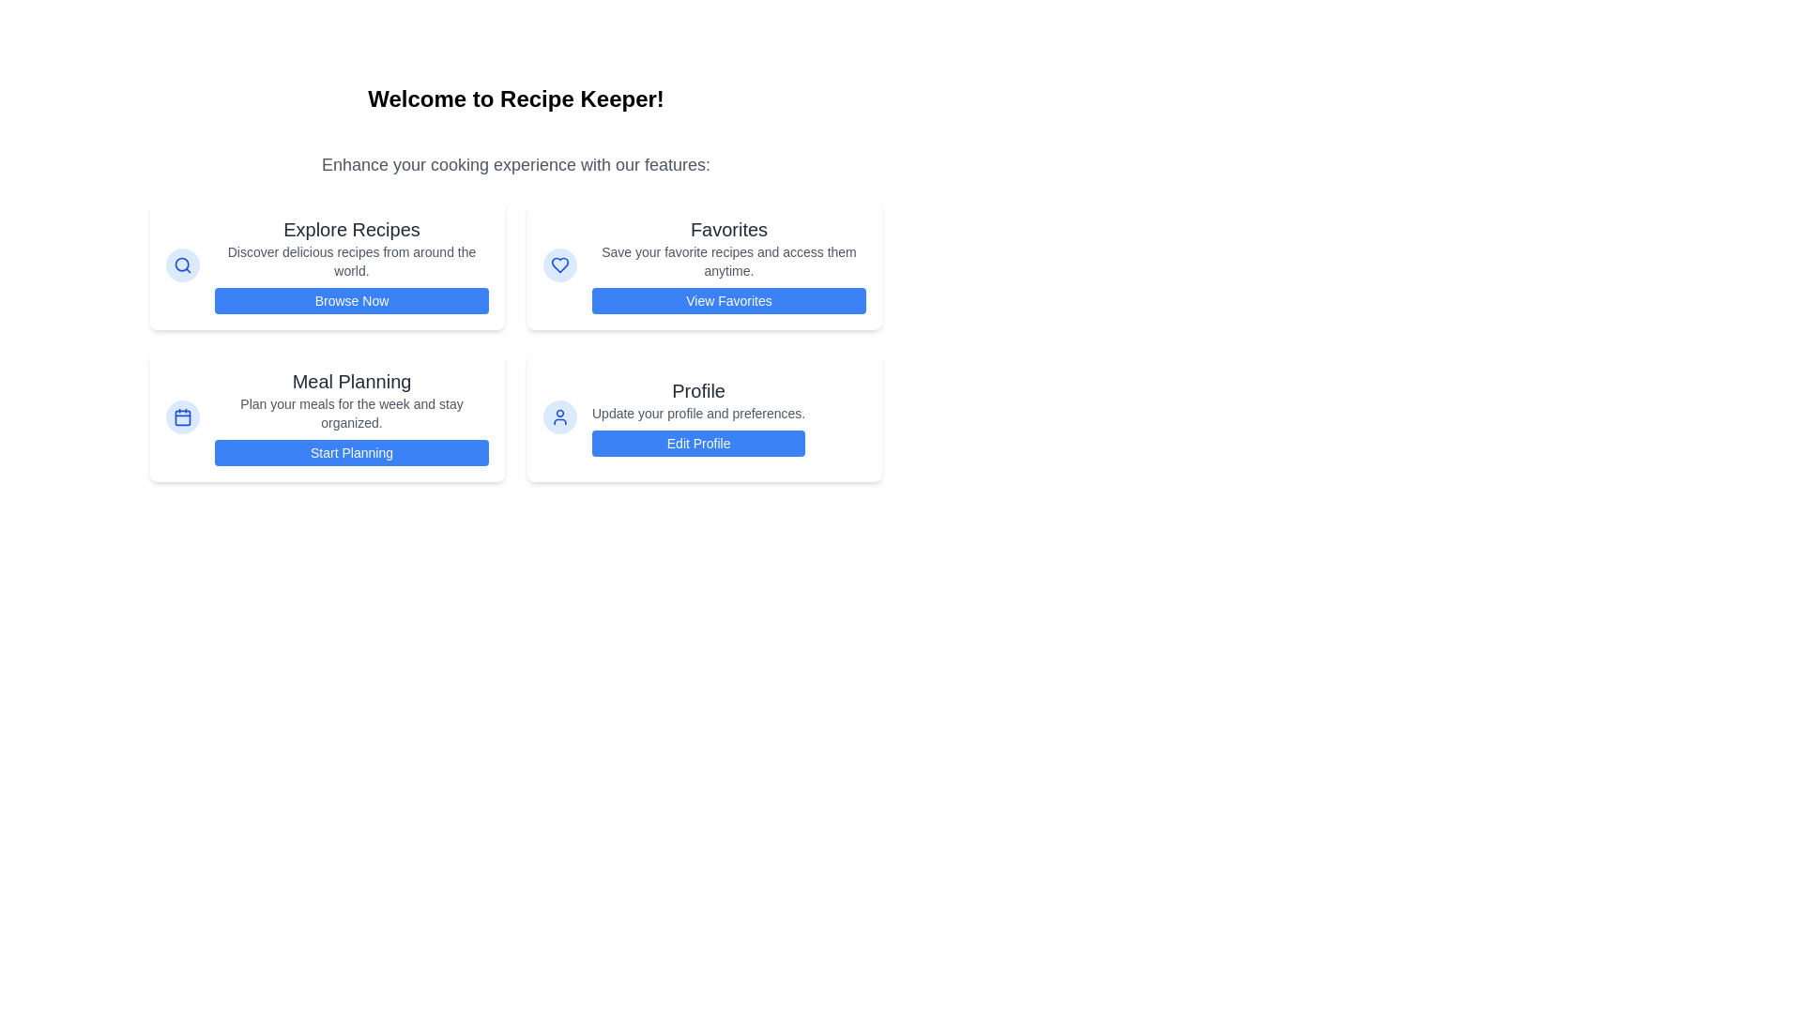 The height and width of the screenshot is (1013, 1802). What do you see at coordinates (703, 416) in the screenshot?
I see `the fourth card in the grid layout that serves as a navigational entry point for updating user profile information and preferences` at bounding box center [703, 416].